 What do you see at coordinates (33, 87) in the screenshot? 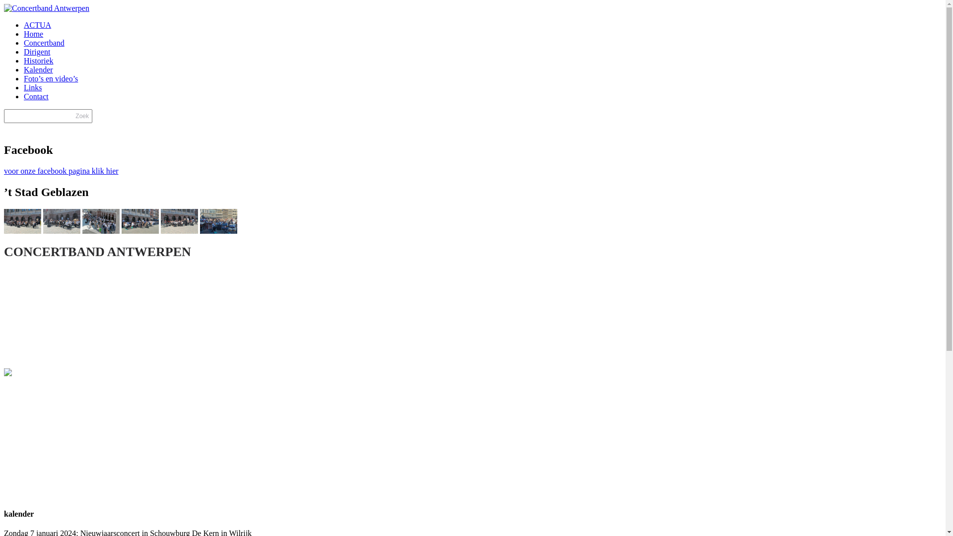
I see `'Links'` at bounding box center [33, 87].